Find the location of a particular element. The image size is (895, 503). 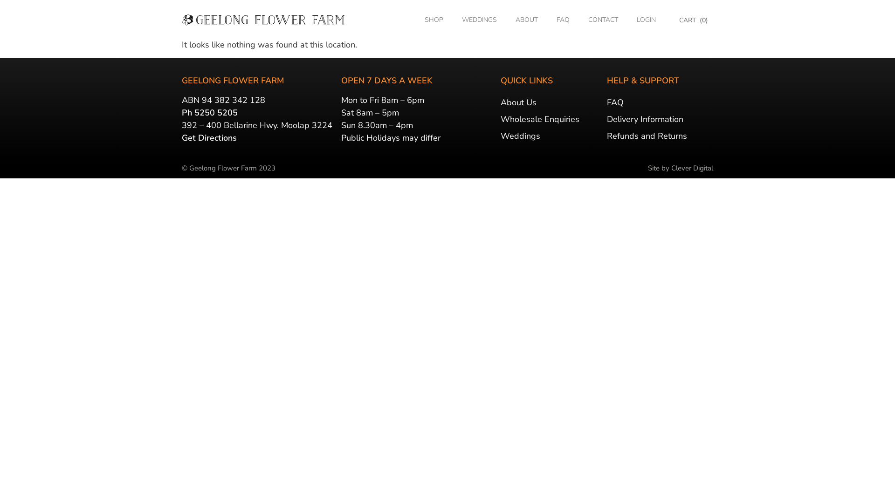

'About Us' is located at coordinates (551, 102).